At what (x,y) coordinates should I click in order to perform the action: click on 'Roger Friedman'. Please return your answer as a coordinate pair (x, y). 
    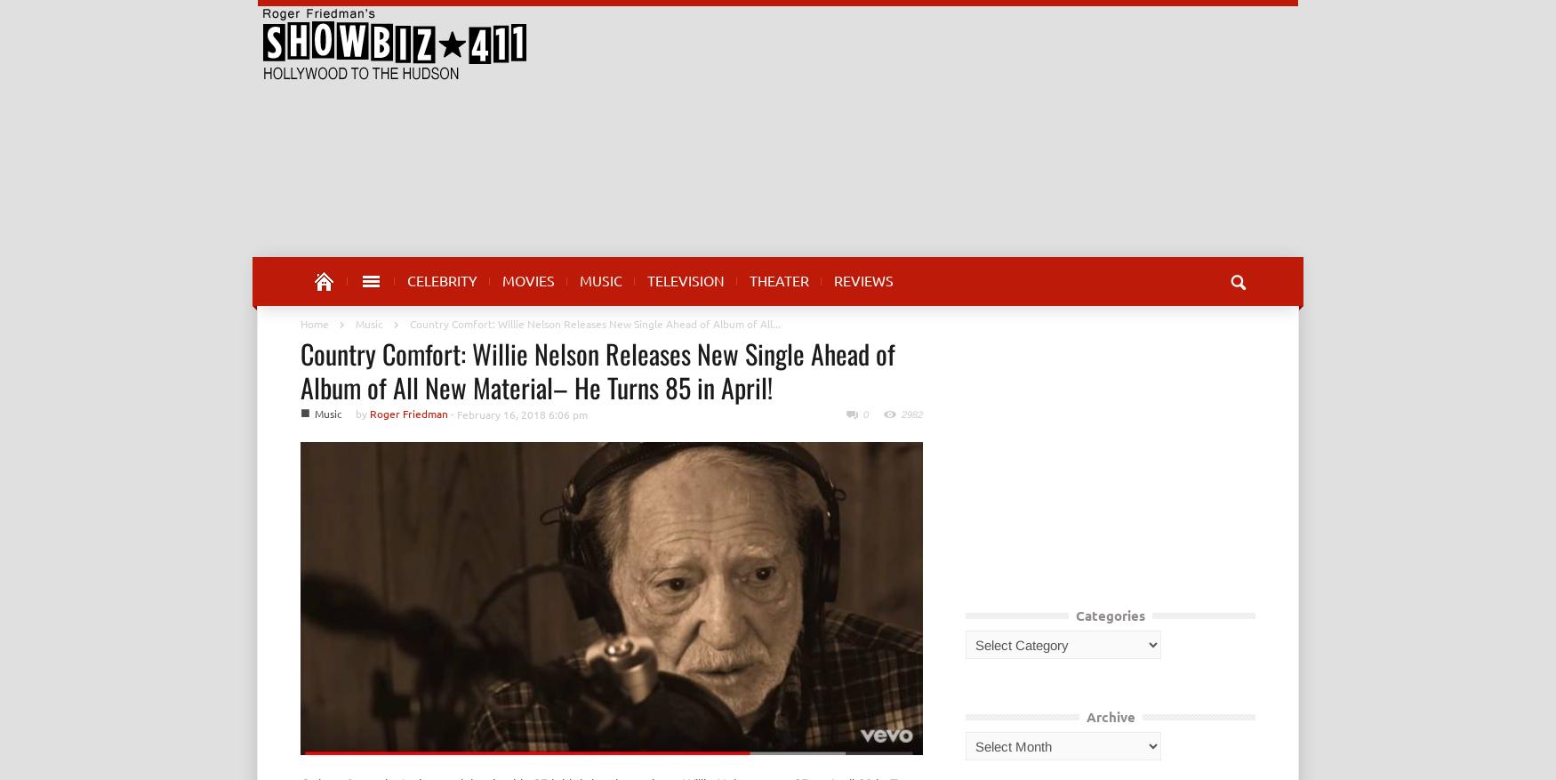
    Looking at the image, I should click on (408, 413).